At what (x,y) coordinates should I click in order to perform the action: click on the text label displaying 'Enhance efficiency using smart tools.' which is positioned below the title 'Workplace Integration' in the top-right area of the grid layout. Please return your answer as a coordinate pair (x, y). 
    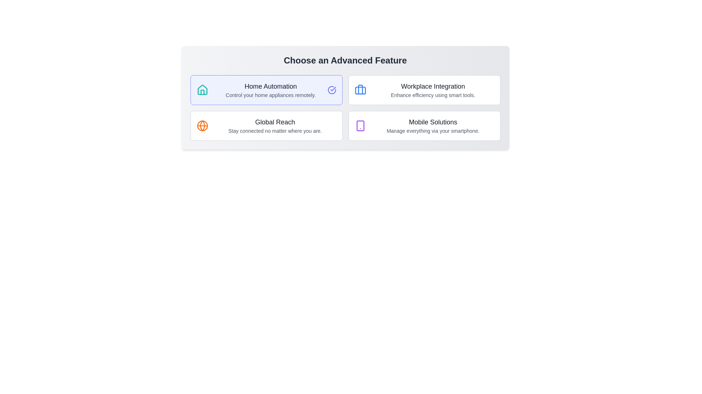
    Looking at the image, I should click on (433, 95).